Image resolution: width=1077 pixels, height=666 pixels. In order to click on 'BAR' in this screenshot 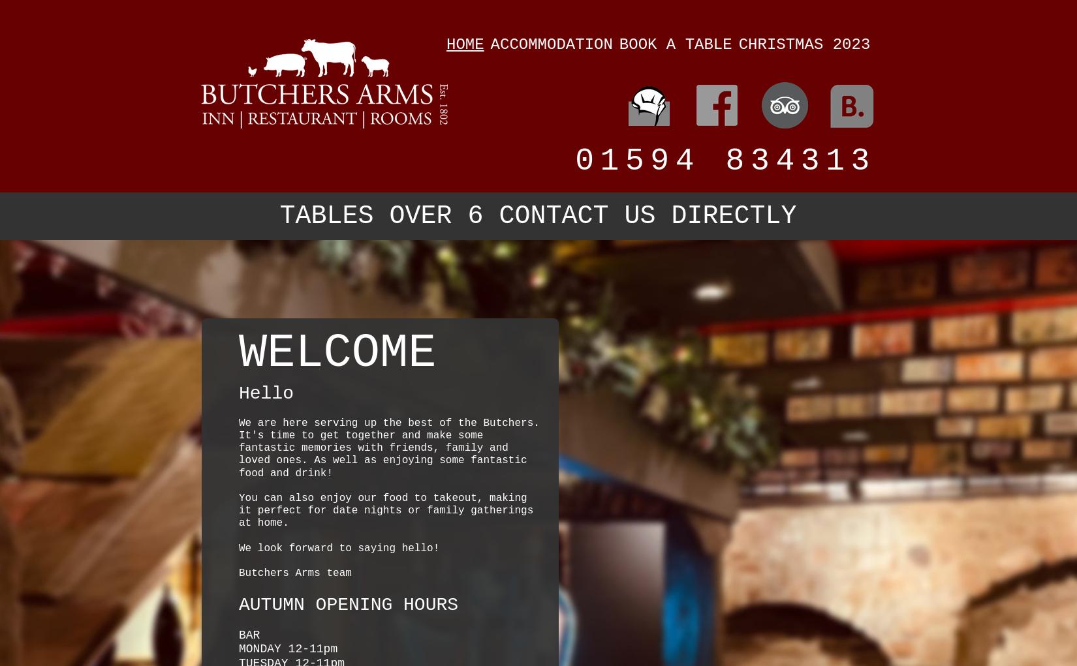, I will do `click(249, 634)`.